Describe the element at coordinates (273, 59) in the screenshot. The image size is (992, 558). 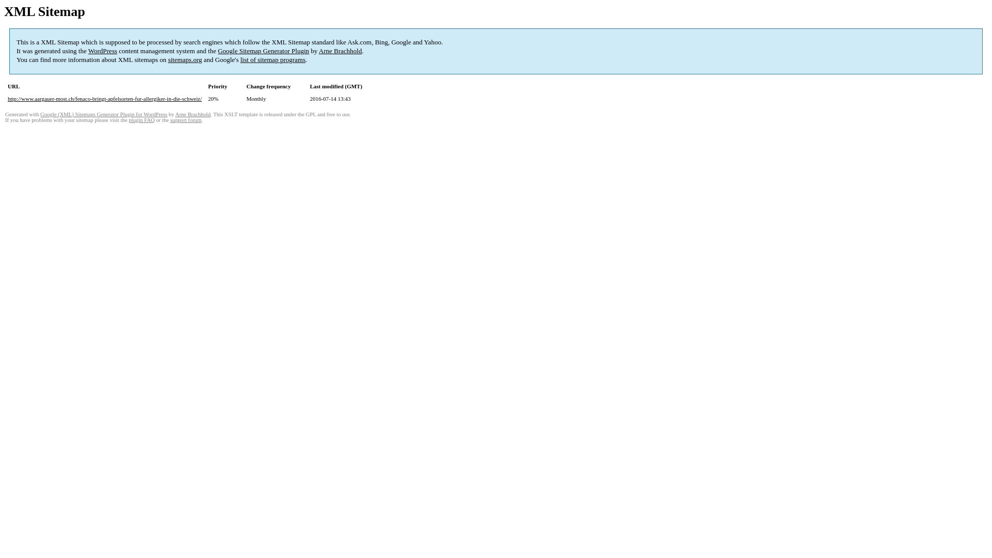
I see `'list of sitemap programs'` at that location.